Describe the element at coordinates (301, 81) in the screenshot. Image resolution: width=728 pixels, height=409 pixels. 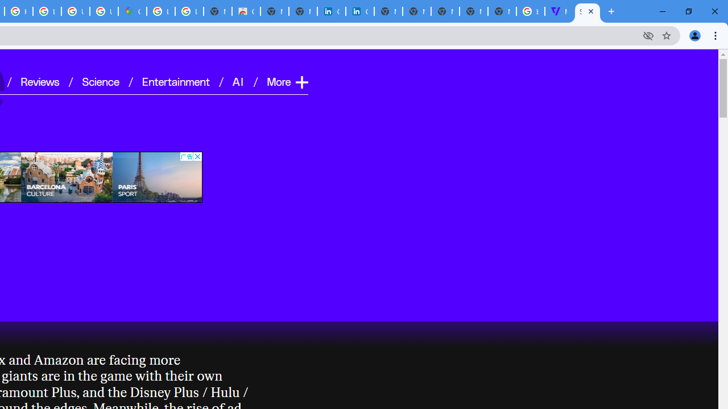
I see `'Expand'` at that location.